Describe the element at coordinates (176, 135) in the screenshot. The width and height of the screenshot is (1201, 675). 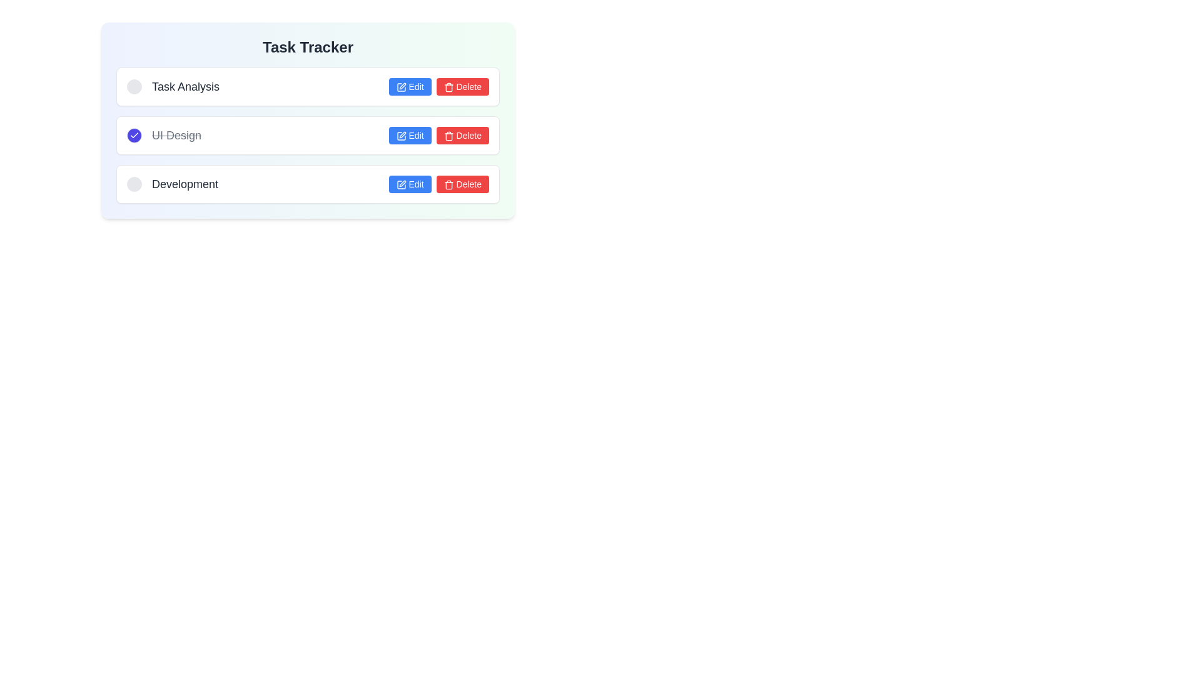
I see `the text label for the task marked 'UI Design', which is part of the second task item in the task tracker interface` at that location.